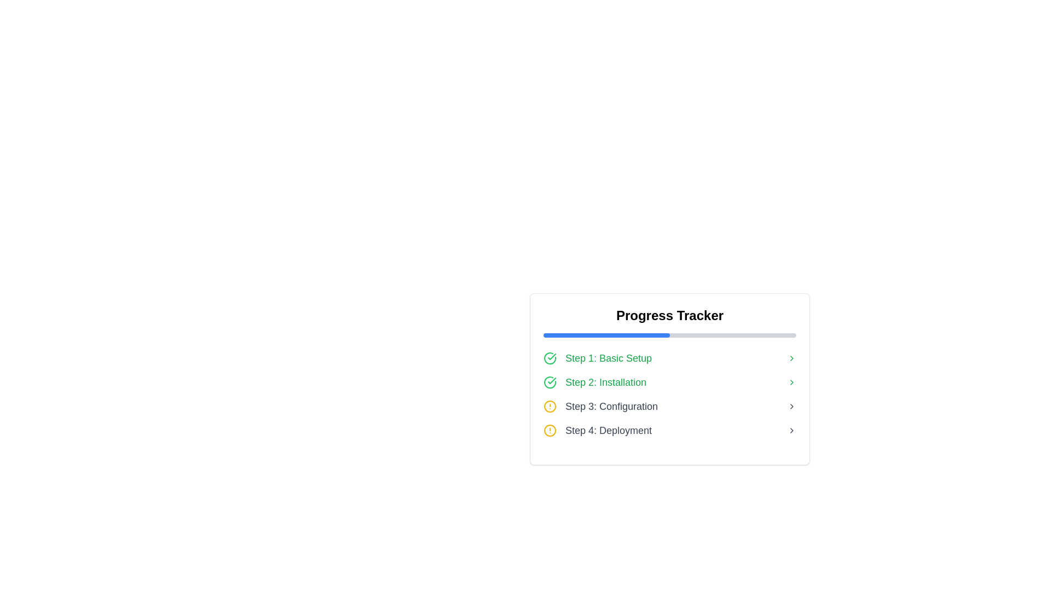 The width and height of the screenshot is (1050, 591). Describe the element at coordinates (792, 358) in the screenshot. I see `the right-pointing arrow styled icon at the far right of the 'Step 1: Basic Setup' list item in the 'Progress Tracker' section` at that location.